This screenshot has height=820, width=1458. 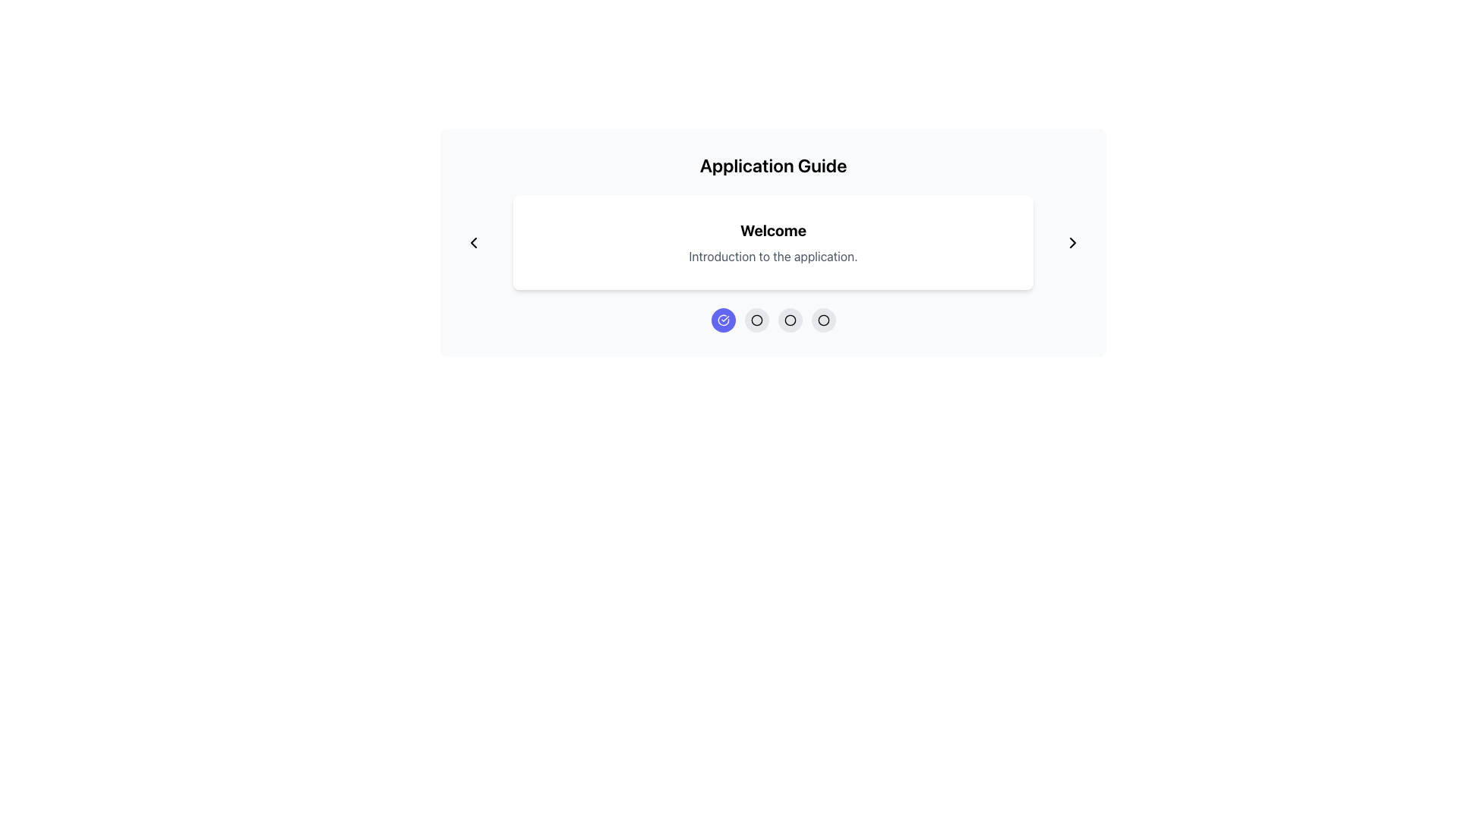 What do you see at coordinates (473, 242) in the screenshot?
I see `the left chevron arrow icon used for navigation to go to the previous page` at bounding box center [473, 242].